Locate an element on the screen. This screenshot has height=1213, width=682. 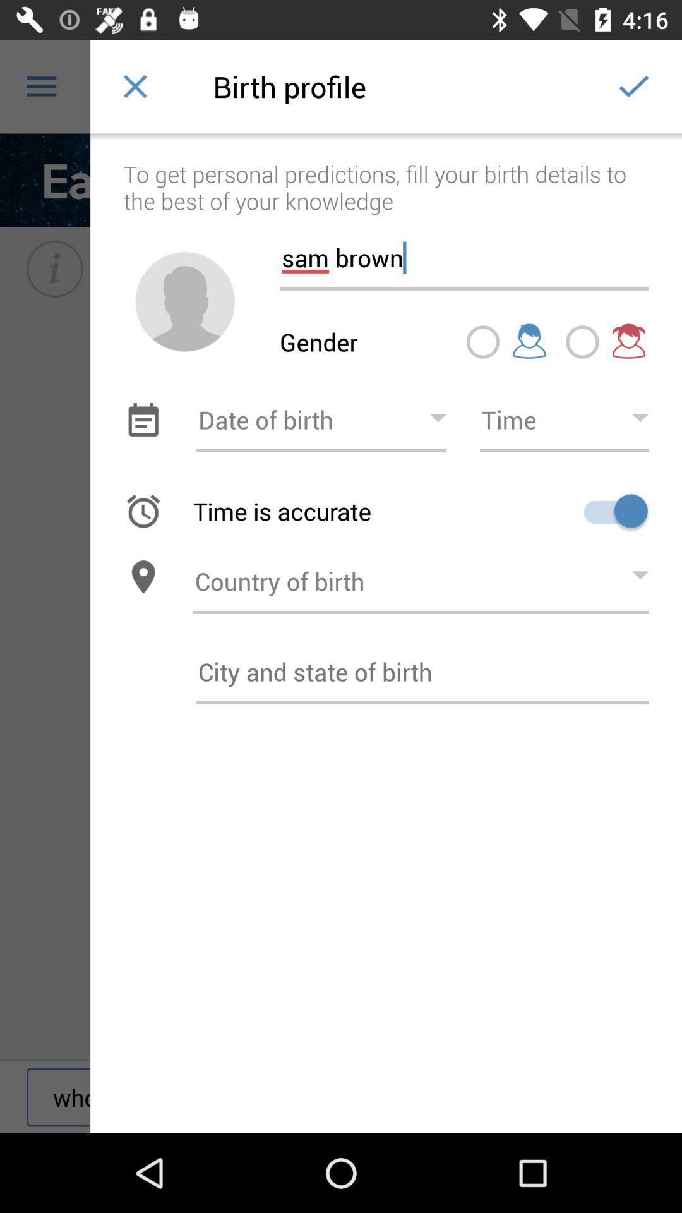
display calendar is located at coordinates (143, 419).